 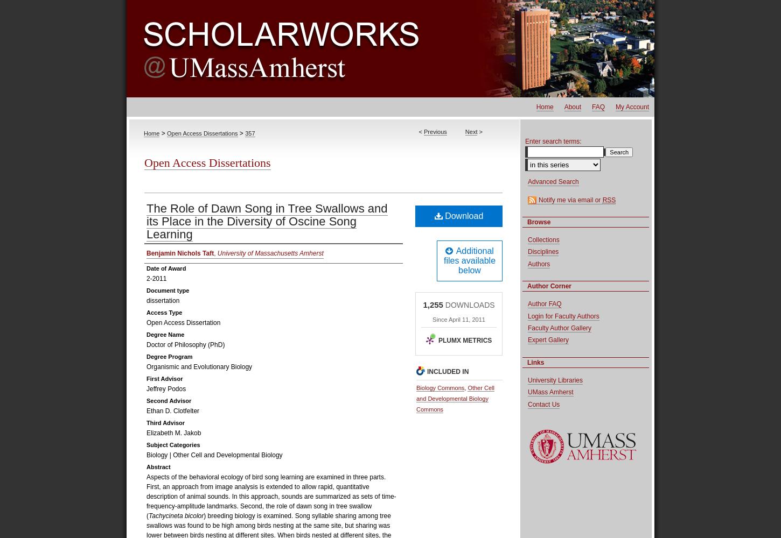 What do you see at coordinates (470, 131) in the screenshot?
I see `'Next'` at bounding box center [470, 131].